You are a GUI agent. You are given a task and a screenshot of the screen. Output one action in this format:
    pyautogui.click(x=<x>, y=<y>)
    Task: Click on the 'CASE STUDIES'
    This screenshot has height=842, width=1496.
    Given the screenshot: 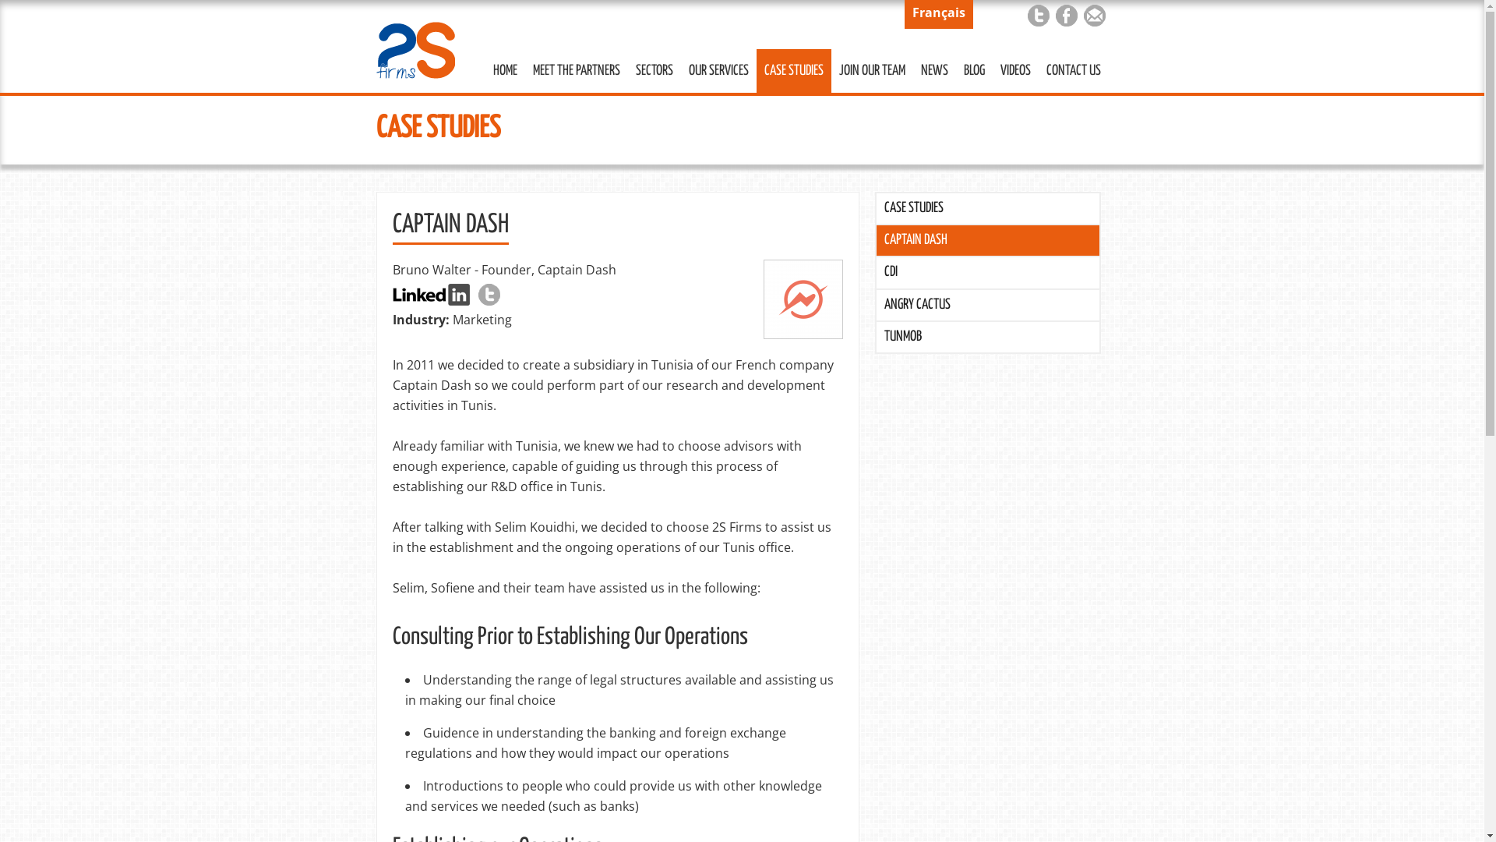 What is the action you would take?
    pyautogui.click(x=792, y=71)
    